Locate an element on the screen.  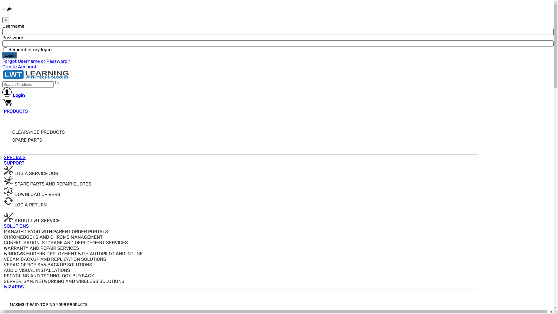
'SPECIALS' is located at coordinates (15, 157).